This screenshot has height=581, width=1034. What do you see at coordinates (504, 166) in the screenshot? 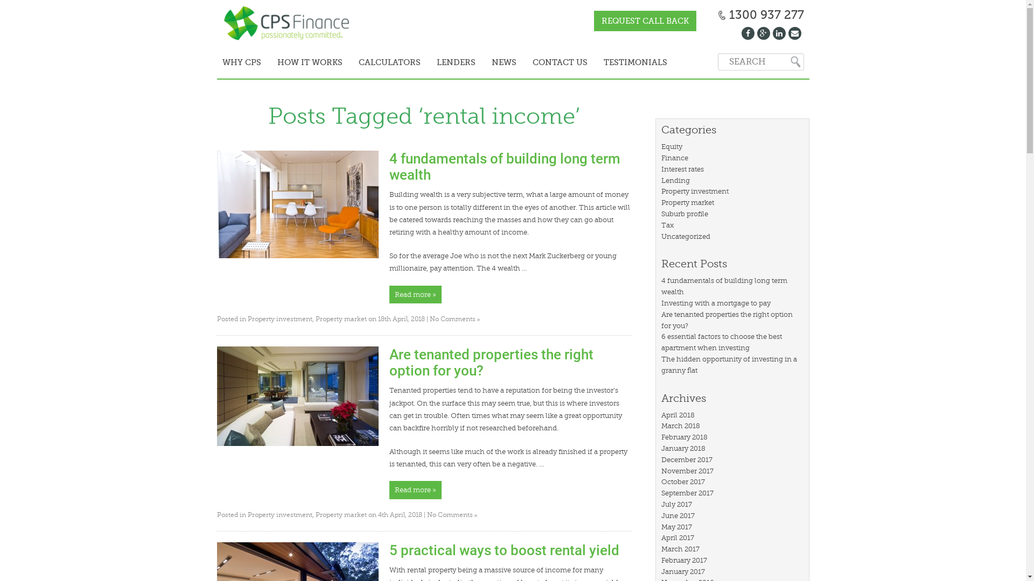
I see `'4 fundamentals of building long term wealth'` at bounding box center [504, 166].